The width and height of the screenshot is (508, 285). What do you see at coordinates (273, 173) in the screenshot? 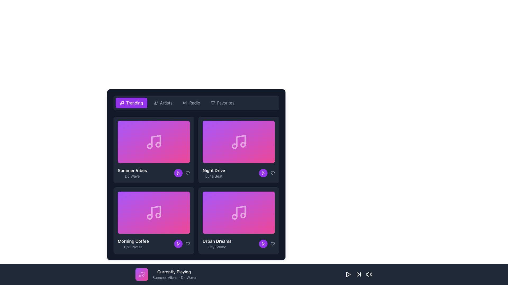
I see `the heart icon at the bottom right corner of the 'Night Drive' song card` at bounding box center [273, 173].